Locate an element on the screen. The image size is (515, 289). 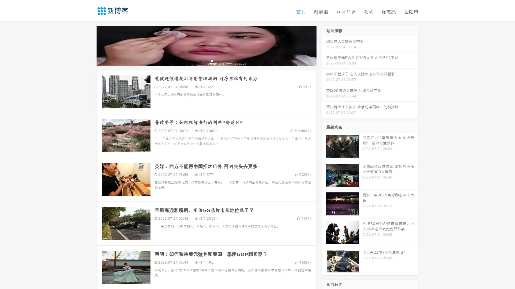
Go to slide 3 is located at coordinates (212, 60).